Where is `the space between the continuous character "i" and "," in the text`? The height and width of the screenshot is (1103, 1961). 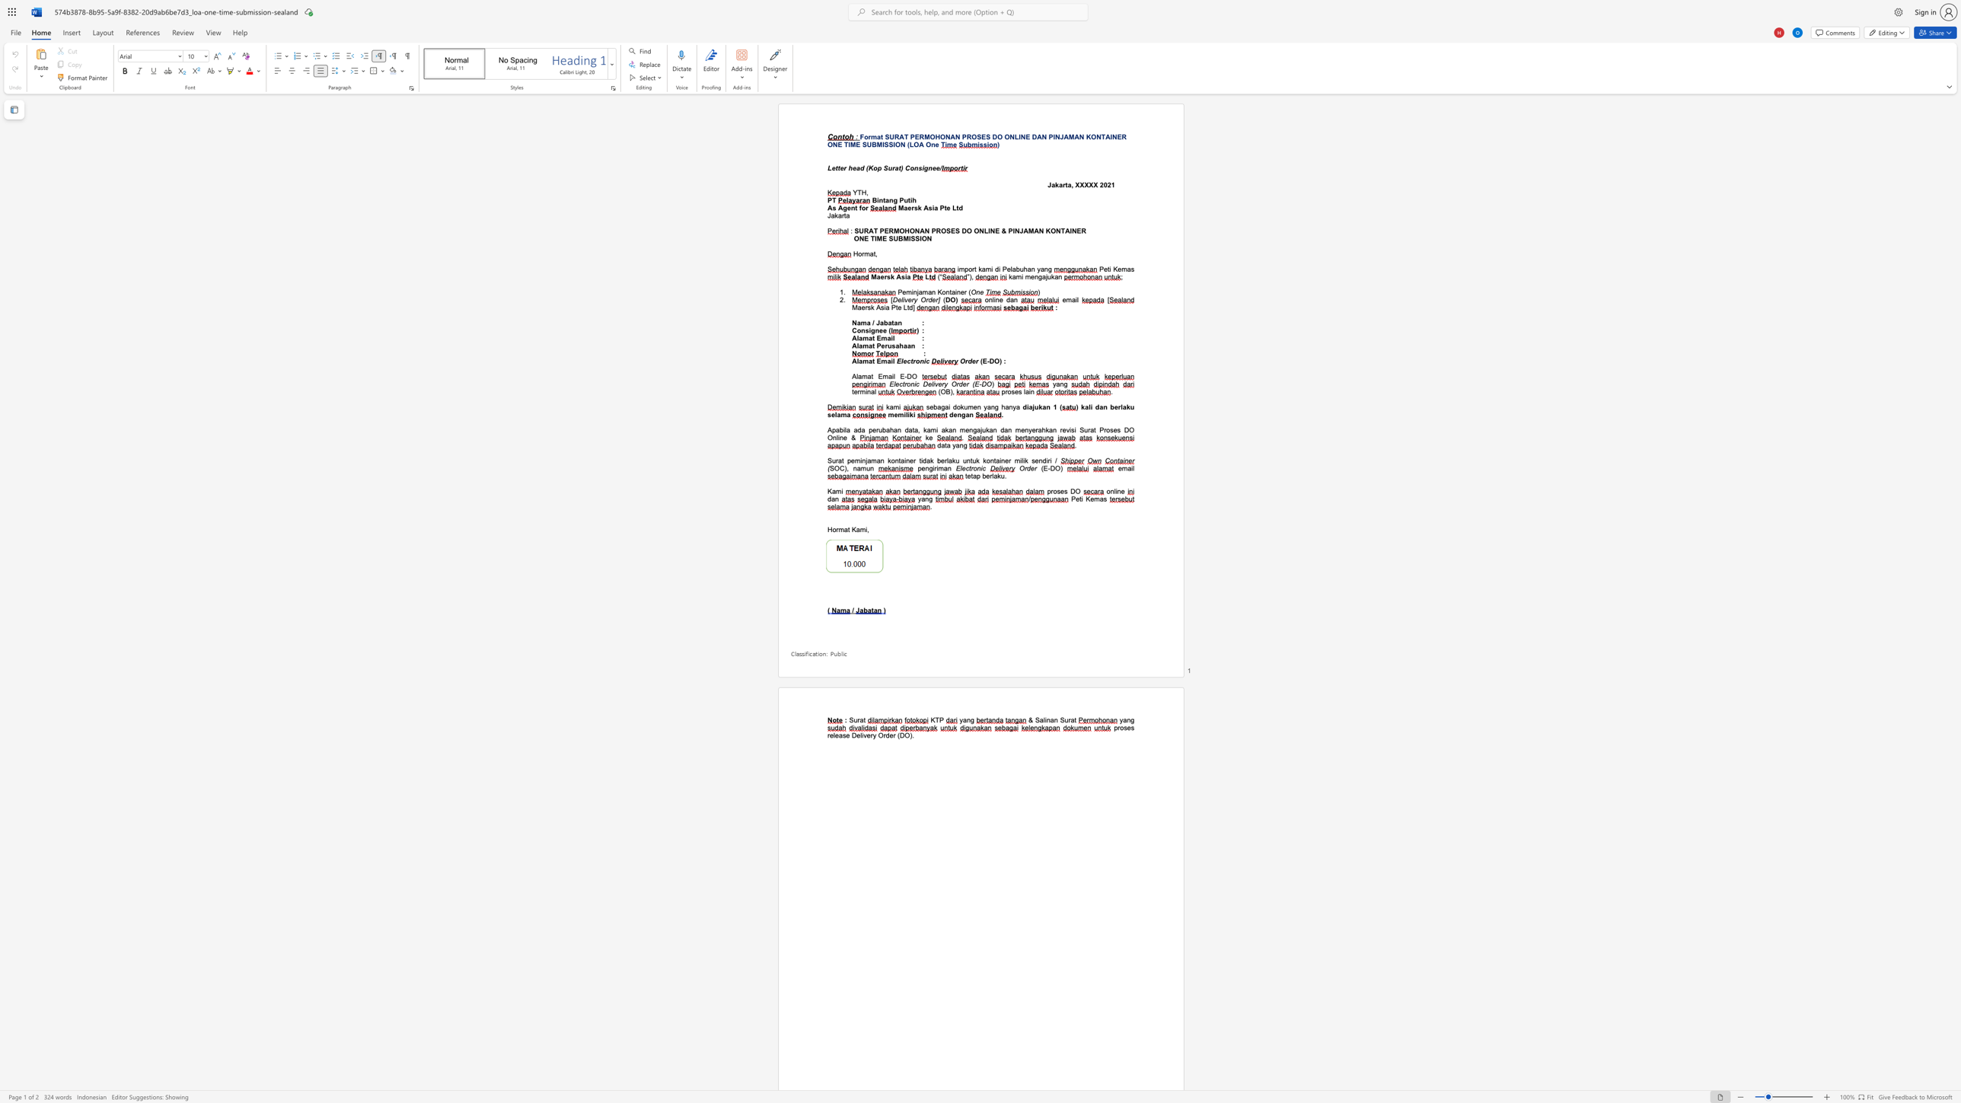
the space between the continuous character "i" and "," in the text is located at coordinates (866, 528).